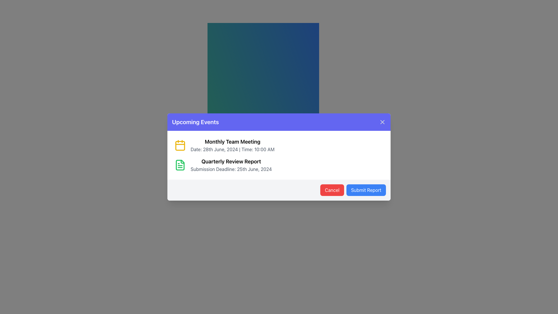 This screenshot has width=558, height=314. What do you see at coordinates (180, 165) in the screenshot?
I see `the document icon representing the 'Quarterly Review Report' located to the left of the report text` at bounding box center [180, 165].